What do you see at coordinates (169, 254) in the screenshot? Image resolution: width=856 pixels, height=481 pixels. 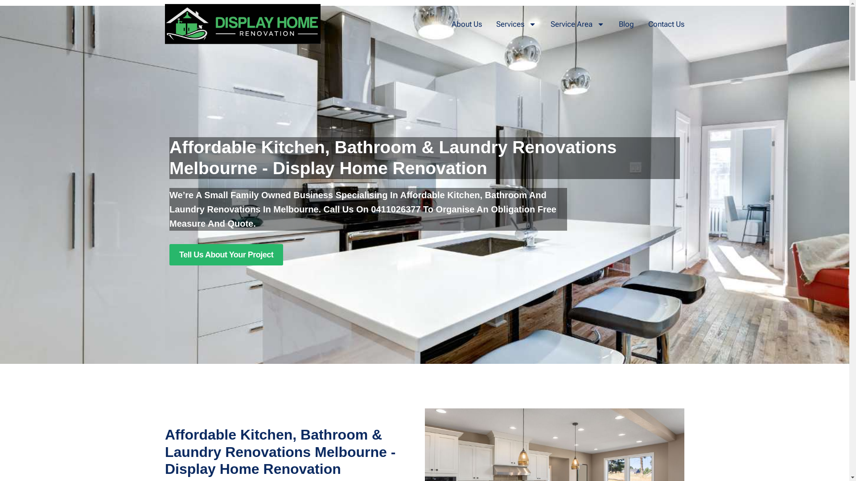 I see `'Tell Us About Your Project'` at bounding box center [169, 254].